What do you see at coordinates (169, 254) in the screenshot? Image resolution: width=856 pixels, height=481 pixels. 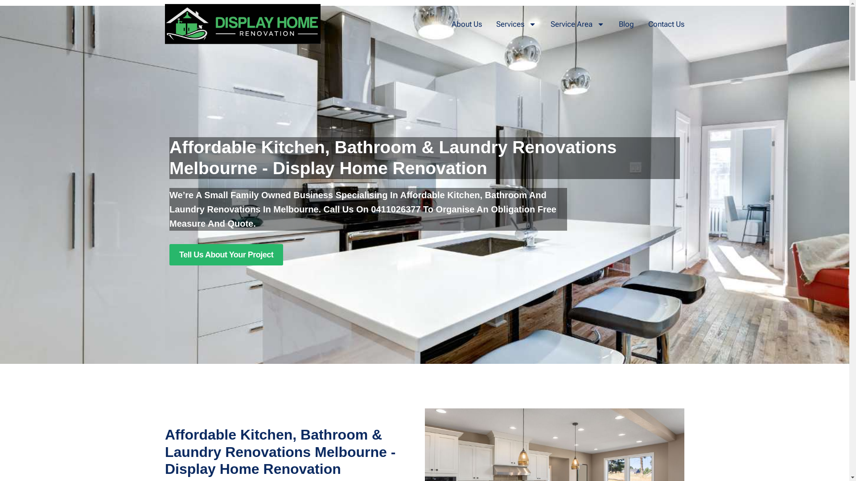 I see `'Tell Us About Your Project'` at bounding box center [169, 254].